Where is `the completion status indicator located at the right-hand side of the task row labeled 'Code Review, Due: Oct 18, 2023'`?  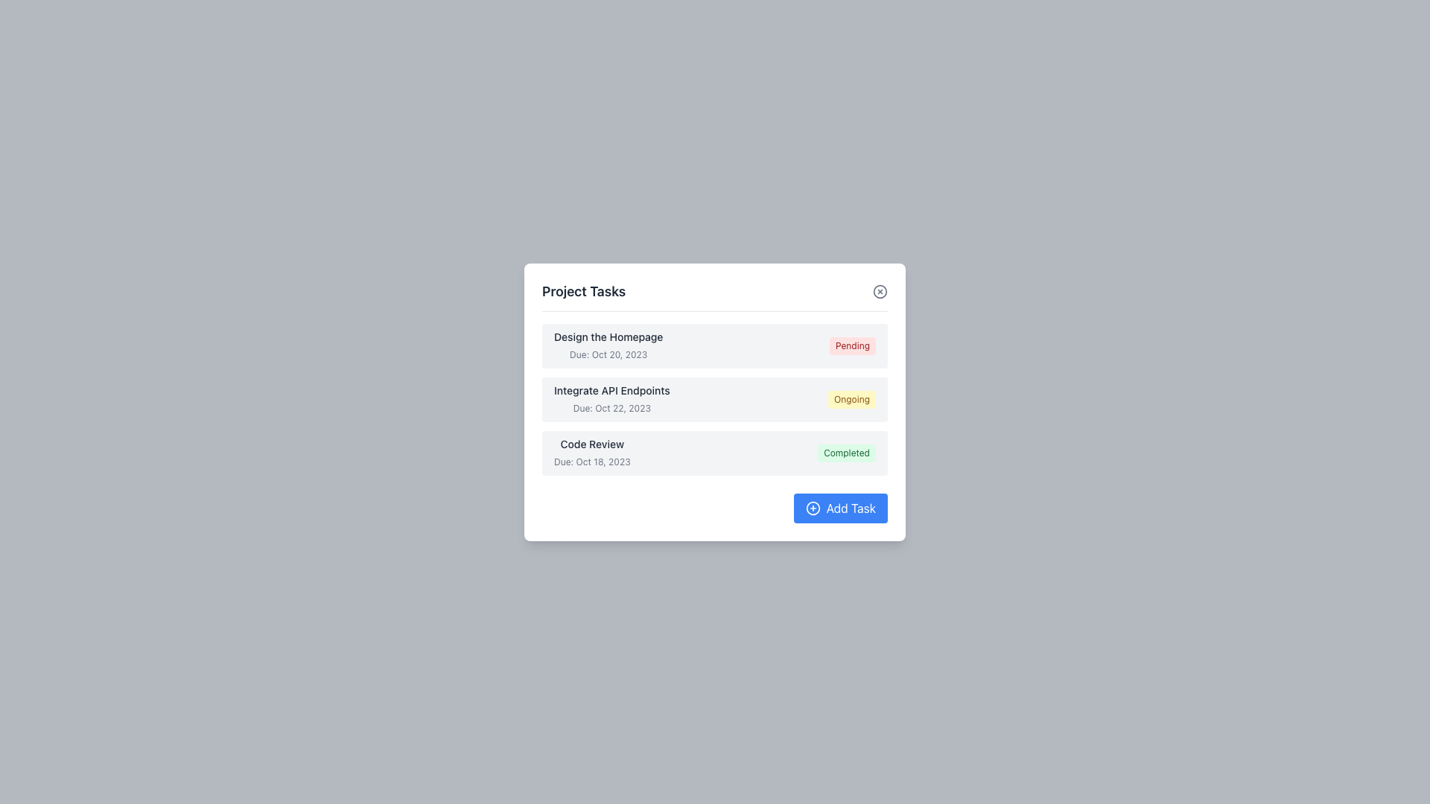
the completion status indicator located at the right-hand side of the task row labeled 'Code Review, Due: Oct 18, 2023' is located at coordinates (847, 452).